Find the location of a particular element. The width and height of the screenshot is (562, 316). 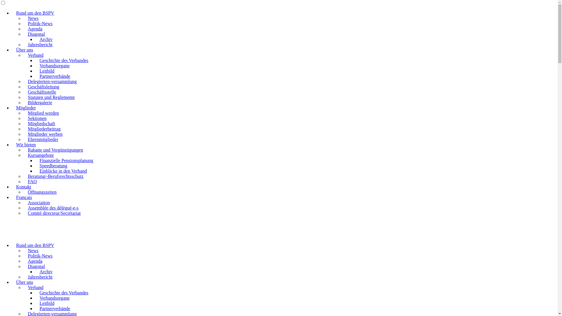

'Kursangebote' is located at coordinates (40, 155).